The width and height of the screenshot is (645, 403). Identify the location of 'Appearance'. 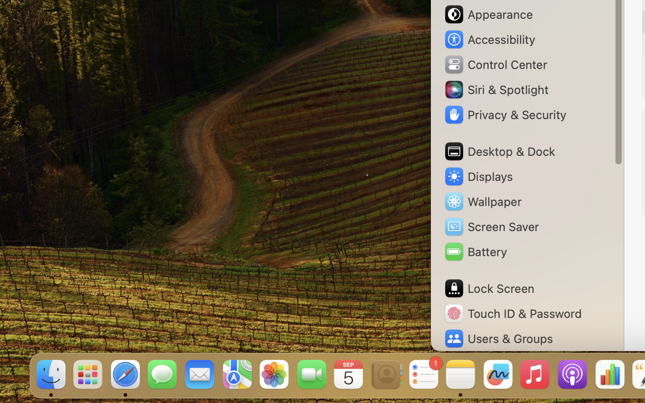
(487, 14).